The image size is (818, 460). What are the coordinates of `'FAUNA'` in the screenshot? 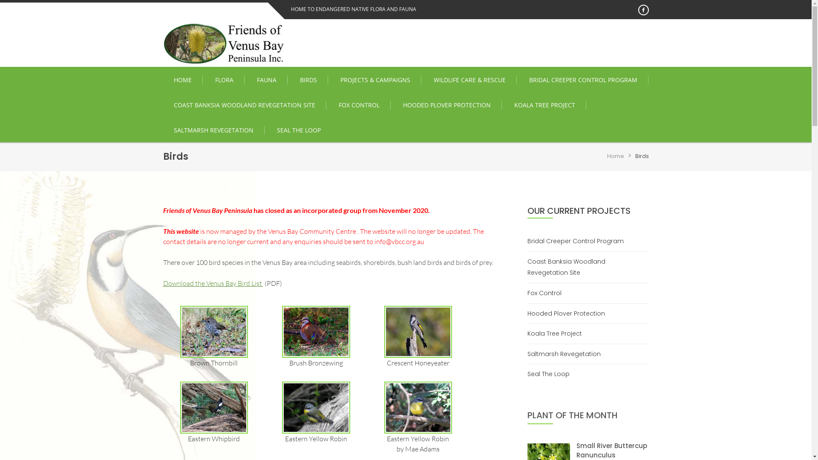 It's located at (266, 80).